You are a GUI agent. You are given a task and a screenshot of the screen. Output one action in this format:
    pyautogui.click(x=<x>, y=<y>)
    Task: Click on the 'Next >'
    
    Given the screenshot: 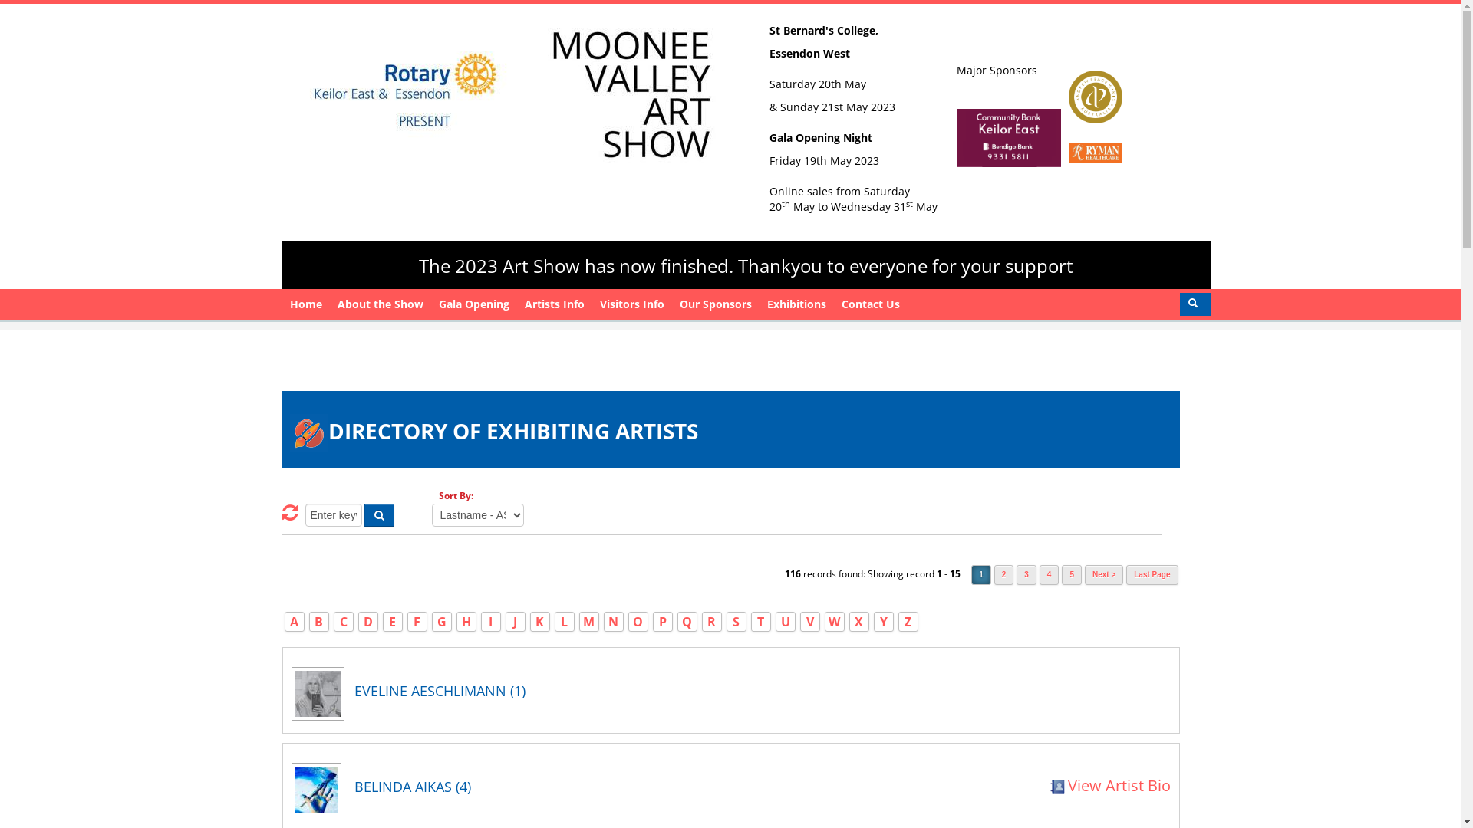 What is the action you would take?
    pyautogui.click(x=1103, y=574)
    